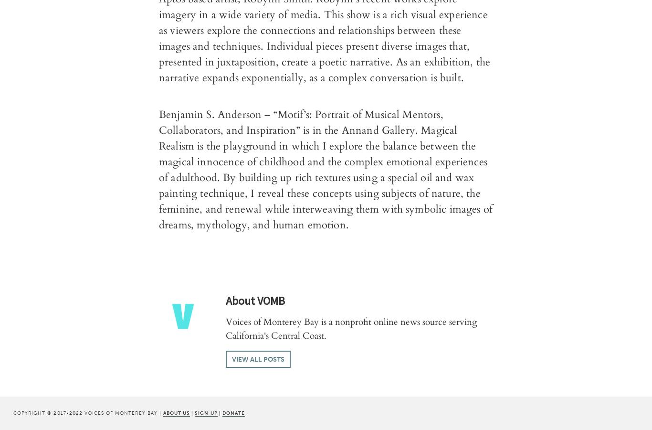 This screenshot has height=430, width=652. Describe the element at coordinates (205, 412) in the screenshot. I see `'SIGN UP'` at that location.